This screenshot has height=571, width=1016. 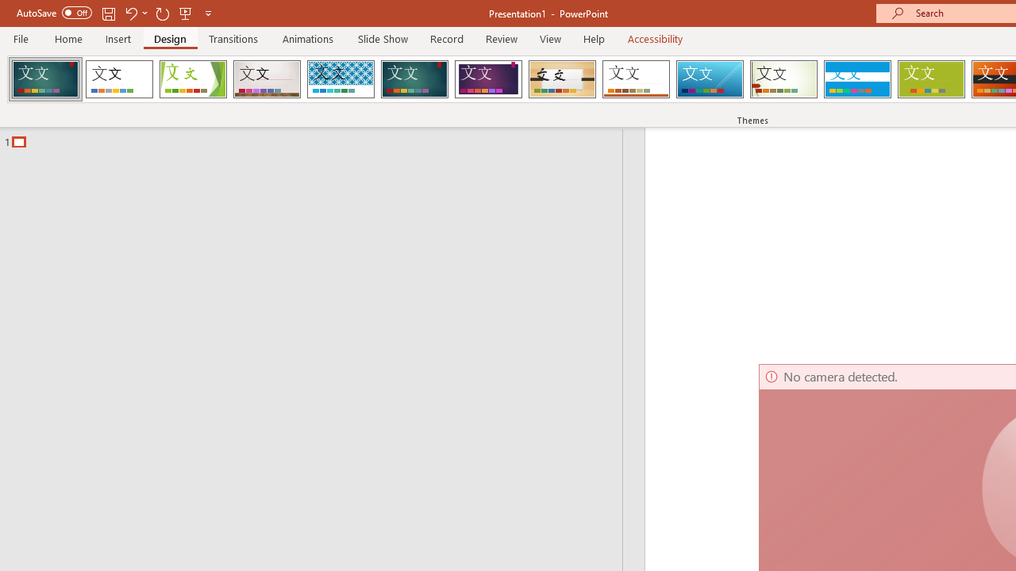 What do you see at coordinates (656, 38) in the screenshot?
I see `'Accessibility'` at bounding box center [656, 38].